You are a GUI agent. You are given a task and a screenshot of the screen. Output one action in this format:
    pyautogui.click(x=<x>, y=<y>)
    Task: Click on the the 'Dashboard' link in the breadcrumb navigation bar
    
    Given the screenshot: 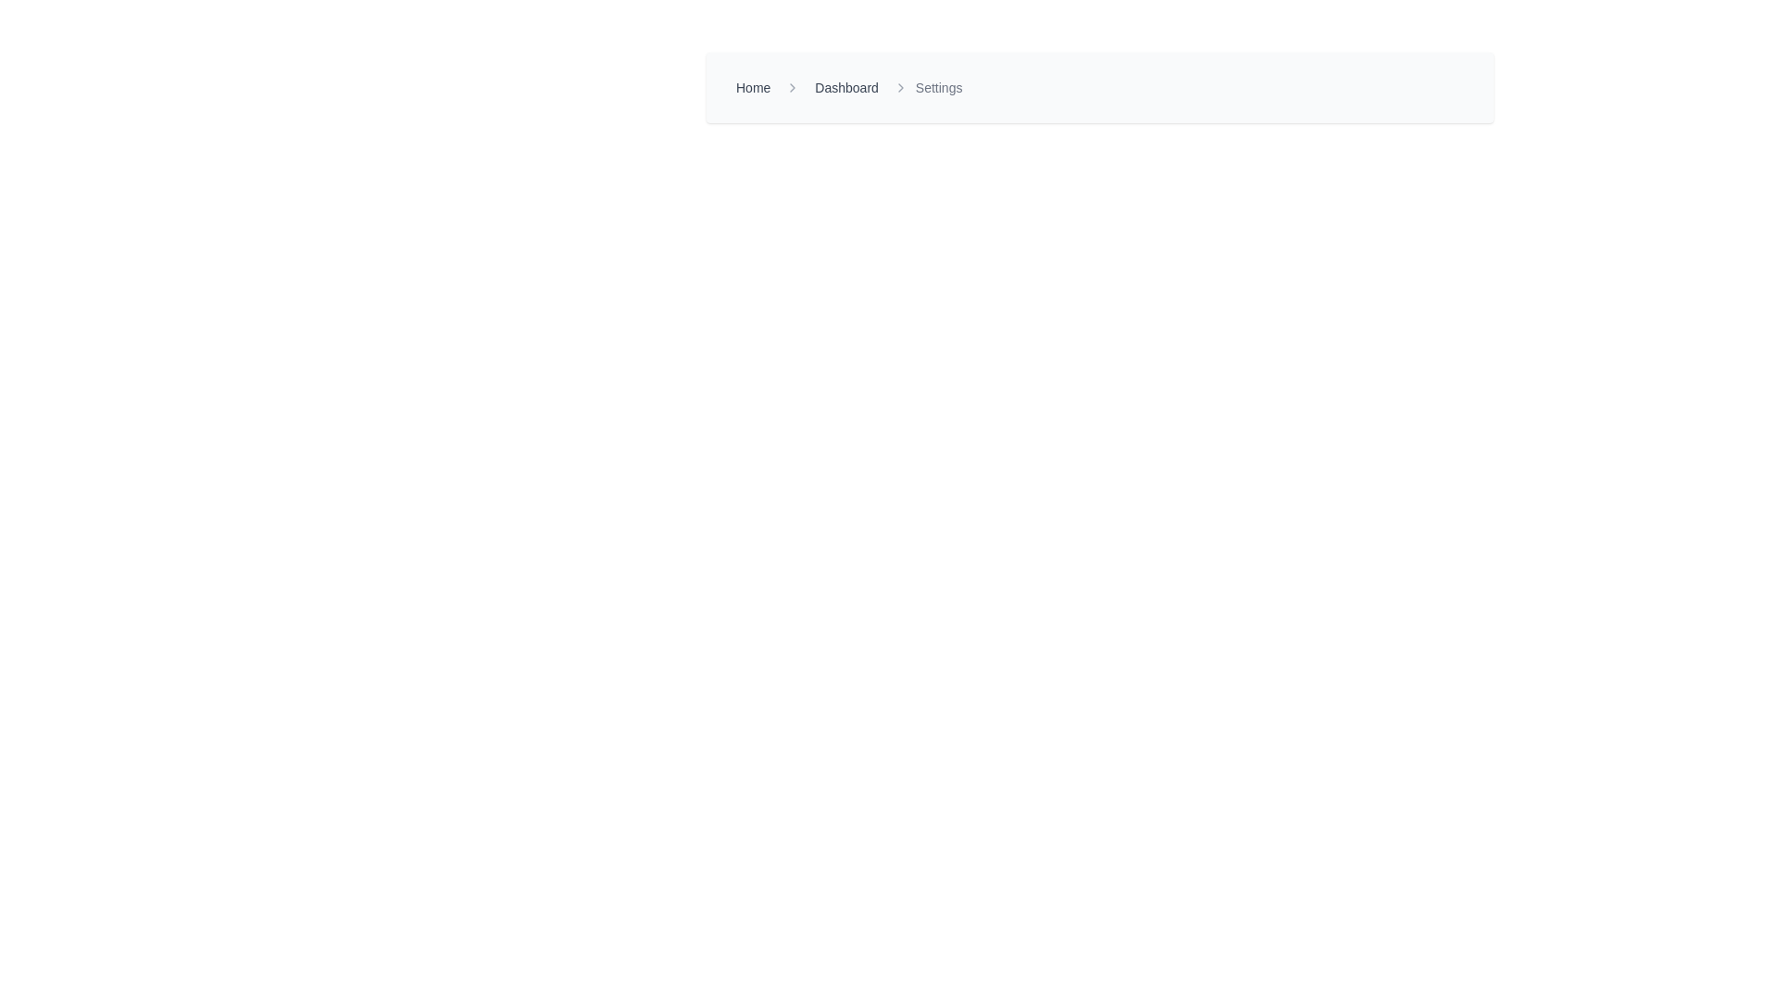 What is the action you would take?
    pyautogui.click(x=845, y=88)
    